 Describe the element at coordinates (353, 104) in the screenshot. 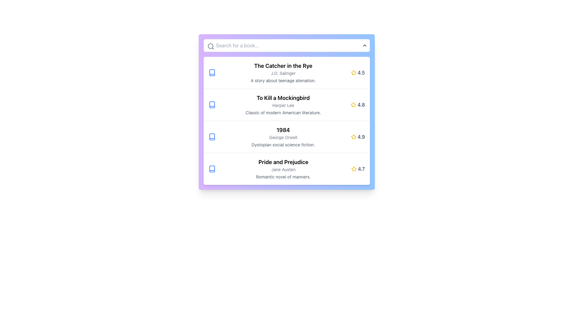

I see `the star icon indicating a rating of '4.8' for the book 'To Kill a Mockingbird', which is located to the right of the rating text` at that location.